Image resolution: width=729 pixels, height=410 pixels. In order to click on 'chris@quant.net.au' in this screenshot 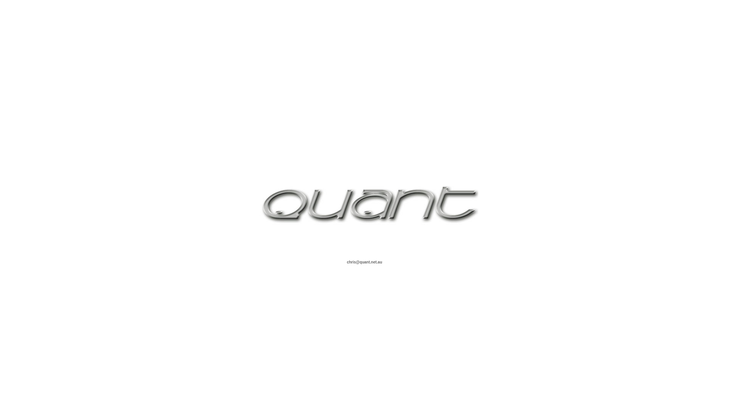, I will do `click(364, 261)`.